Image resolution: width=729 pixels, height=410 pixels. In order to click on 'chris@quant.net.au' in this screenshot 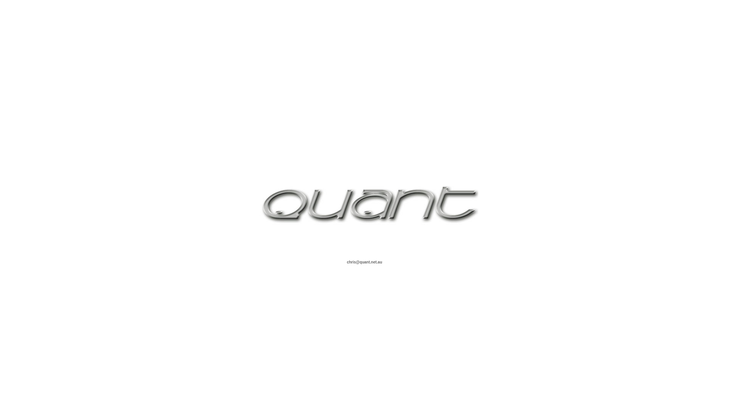, I will do `click(364, 261)`.